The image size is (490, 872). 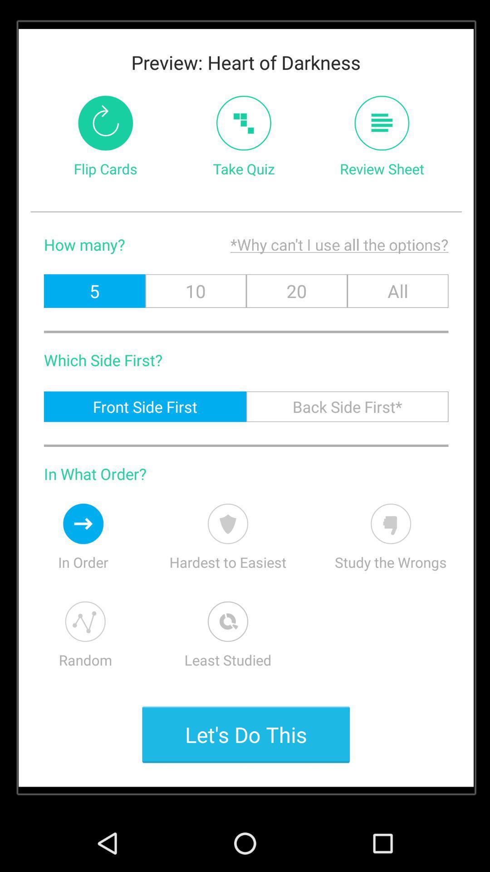 I want to click on next, so click(x=83, y=524).